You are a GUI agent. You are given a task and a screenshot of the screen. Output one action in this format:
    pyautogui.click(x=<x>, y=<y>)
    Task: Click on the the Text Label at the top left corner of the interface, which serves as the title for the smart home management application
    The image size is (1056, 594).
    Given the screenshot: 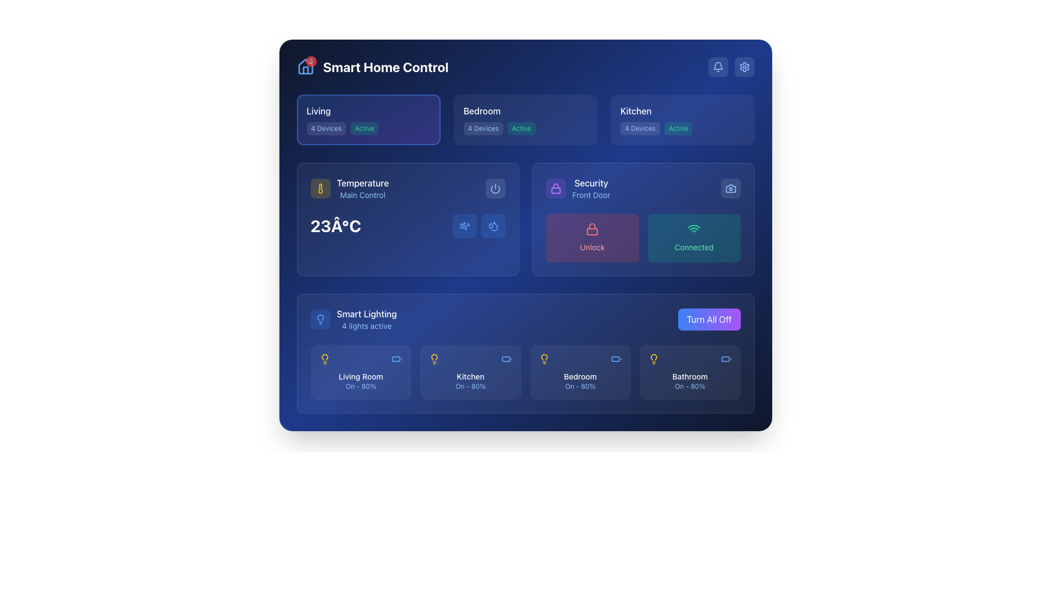 What is the action you would take?
    pyautogui.click(x=372, y=67)
    